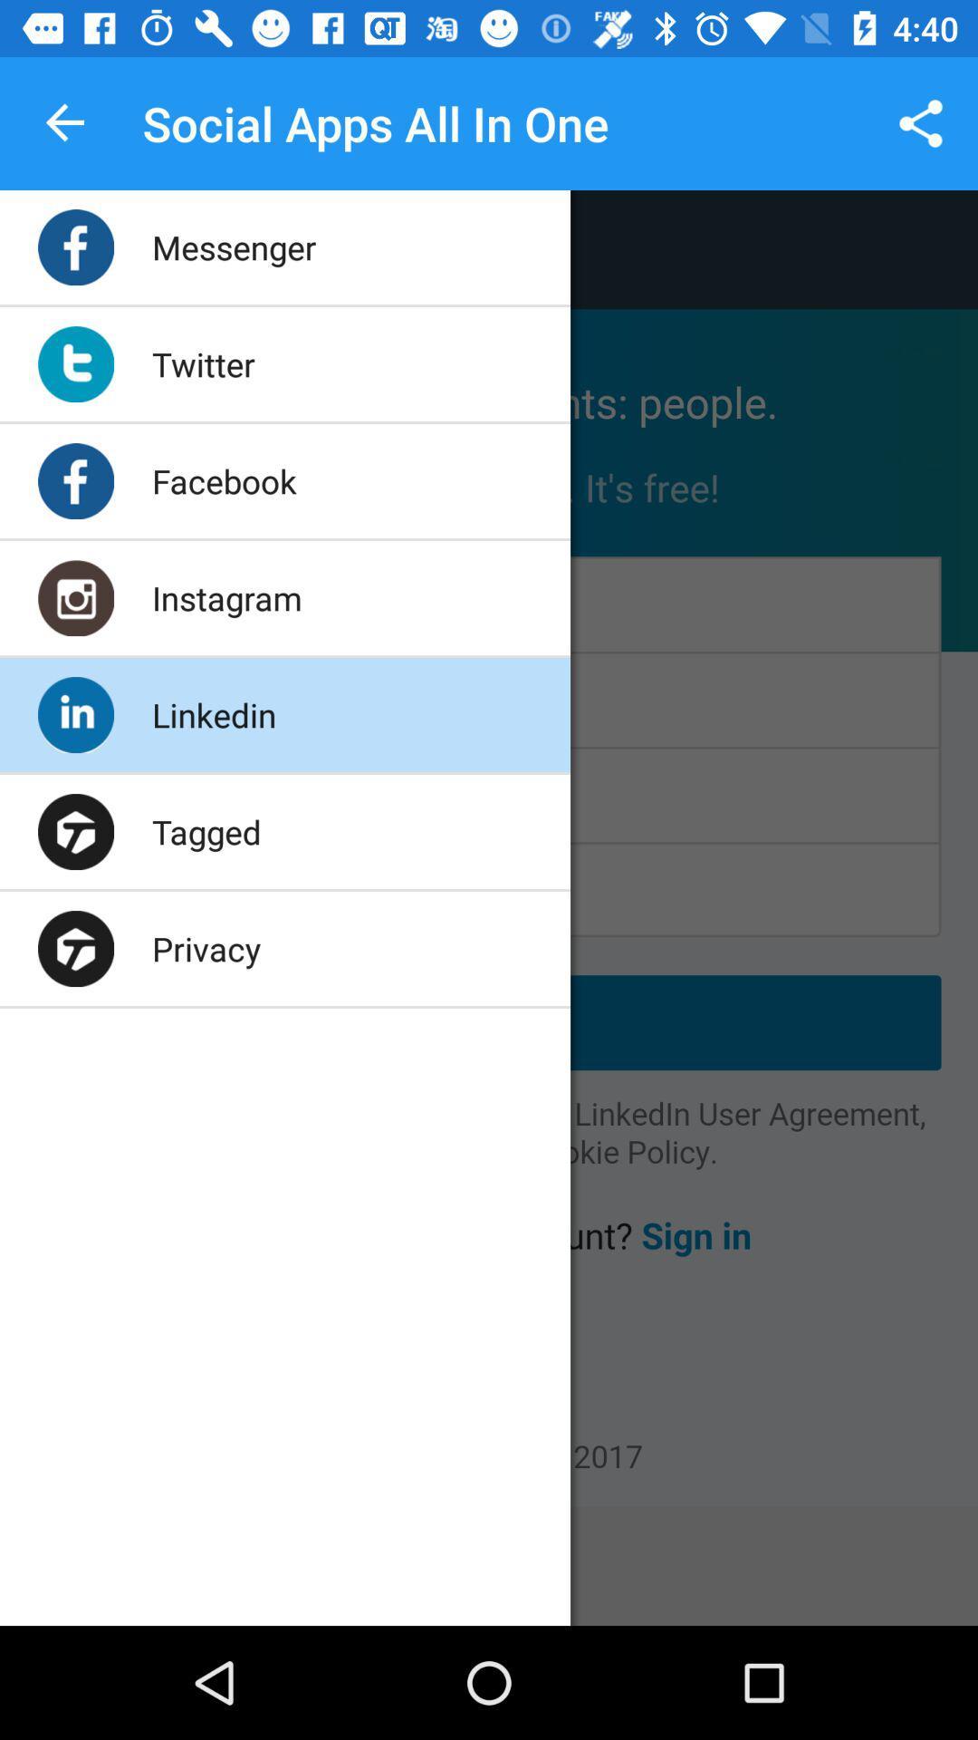  I want to click on the item below social apps all app, so click(233, 246).